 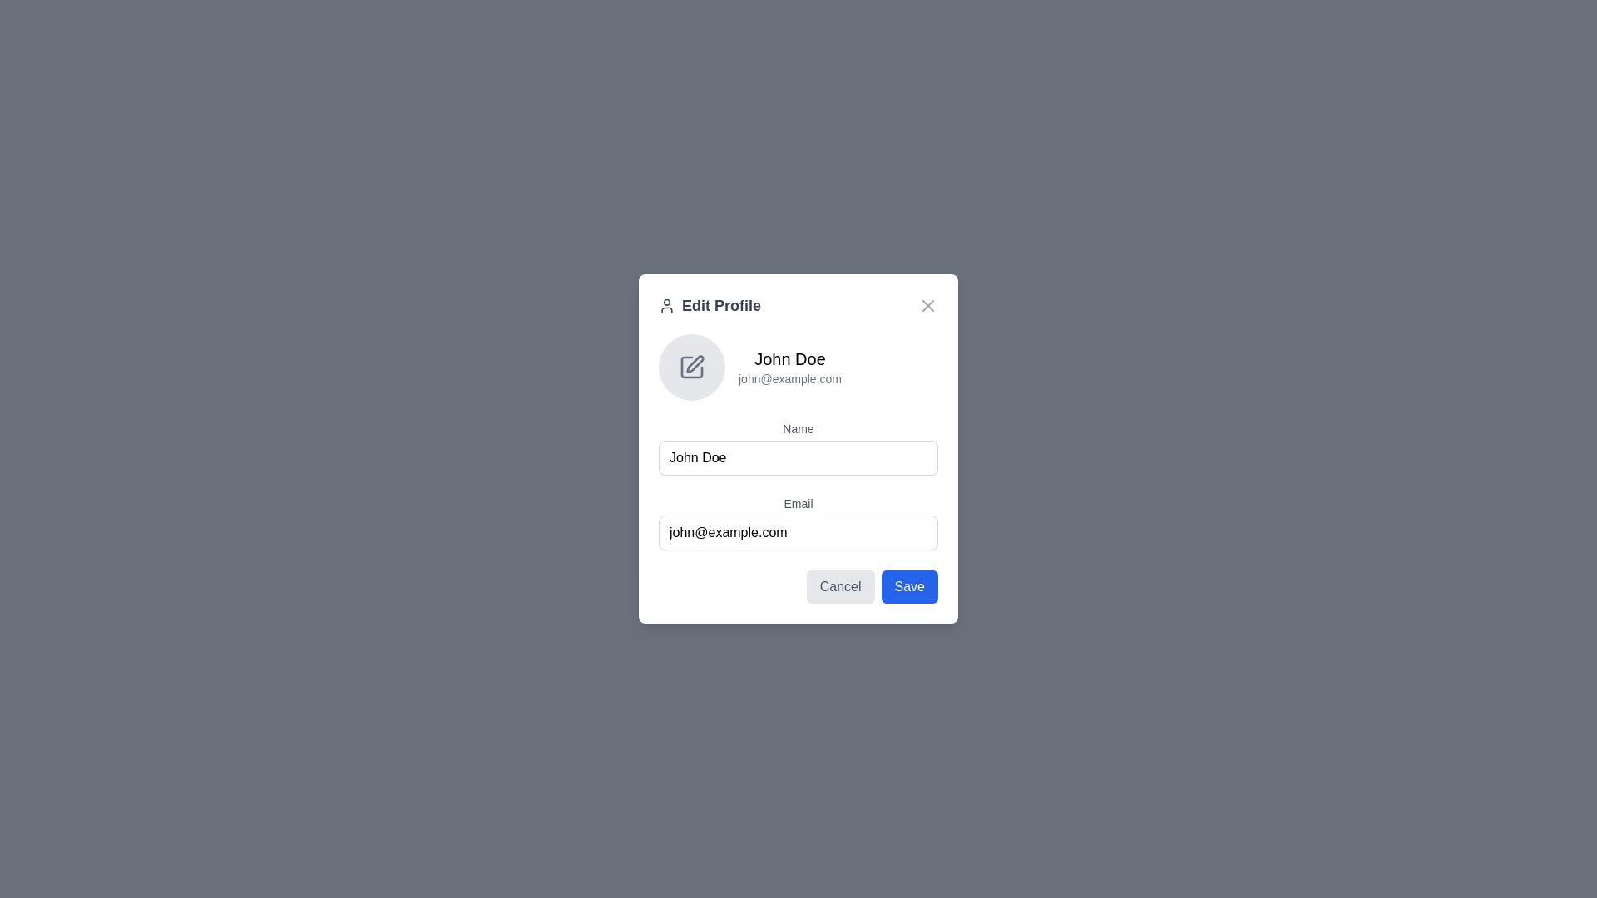 I want to click on the Text Section with Icon that contains 'John Doe' and 'john@example.com' in the 'Edit Profile' modal, so click(x=798, y=367).